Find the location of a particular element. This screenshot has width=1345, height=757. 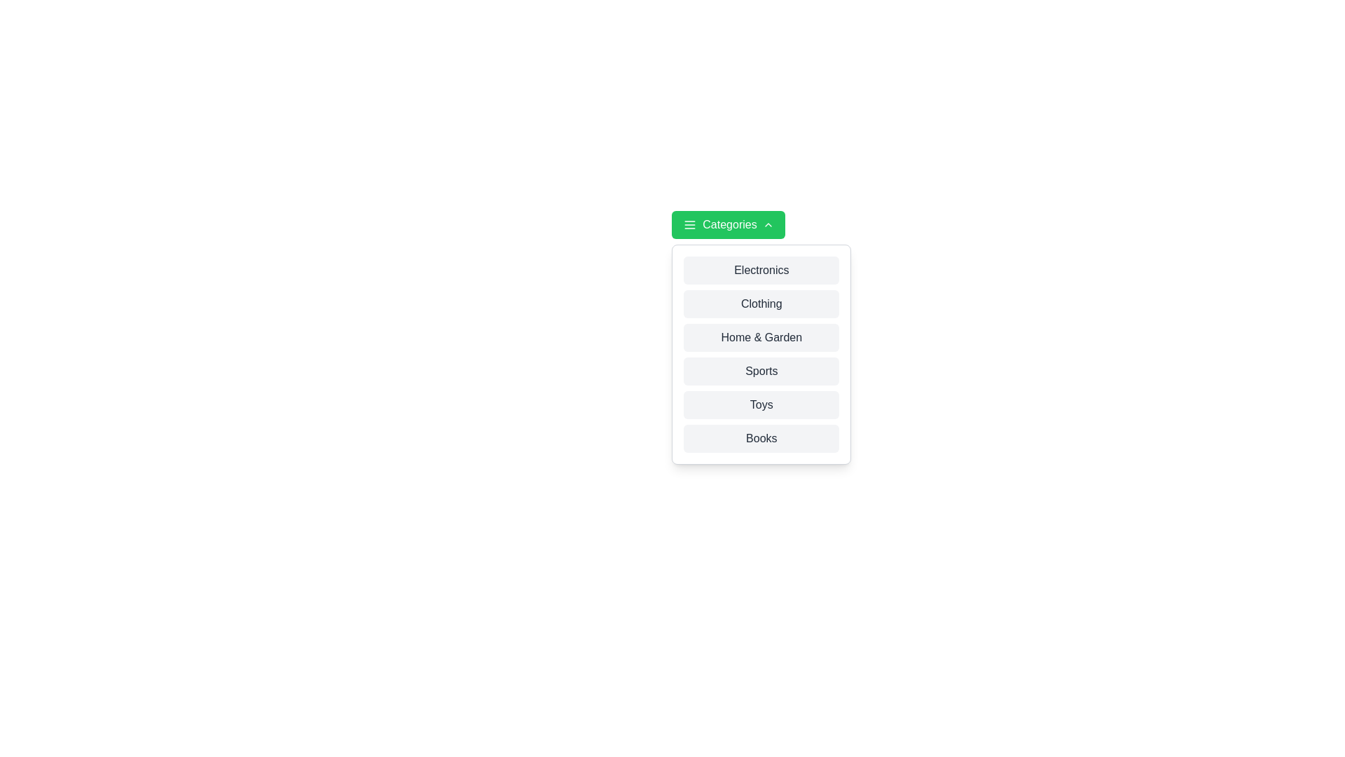

the 'Books' button, which is a horizontally long rectangular button with a light gray background and dark gray text, located at the bottom of the dropdown menu under 'Categories' is located at coordinates (761, 437).